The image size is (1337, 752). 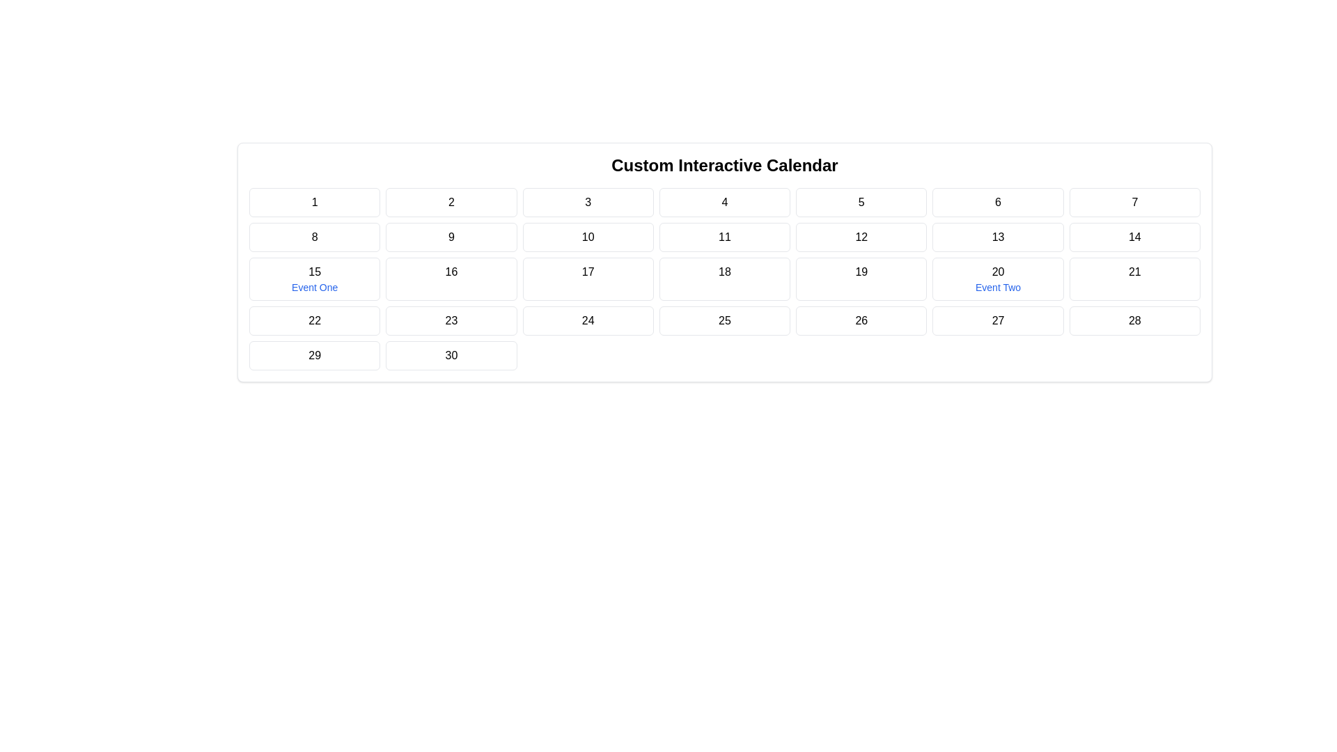 I want to click on the Number Display or Calendar Day Box containing the number '24', which is a white rectangular box with rounded corners and a gray border, so click(x=588, y=321).